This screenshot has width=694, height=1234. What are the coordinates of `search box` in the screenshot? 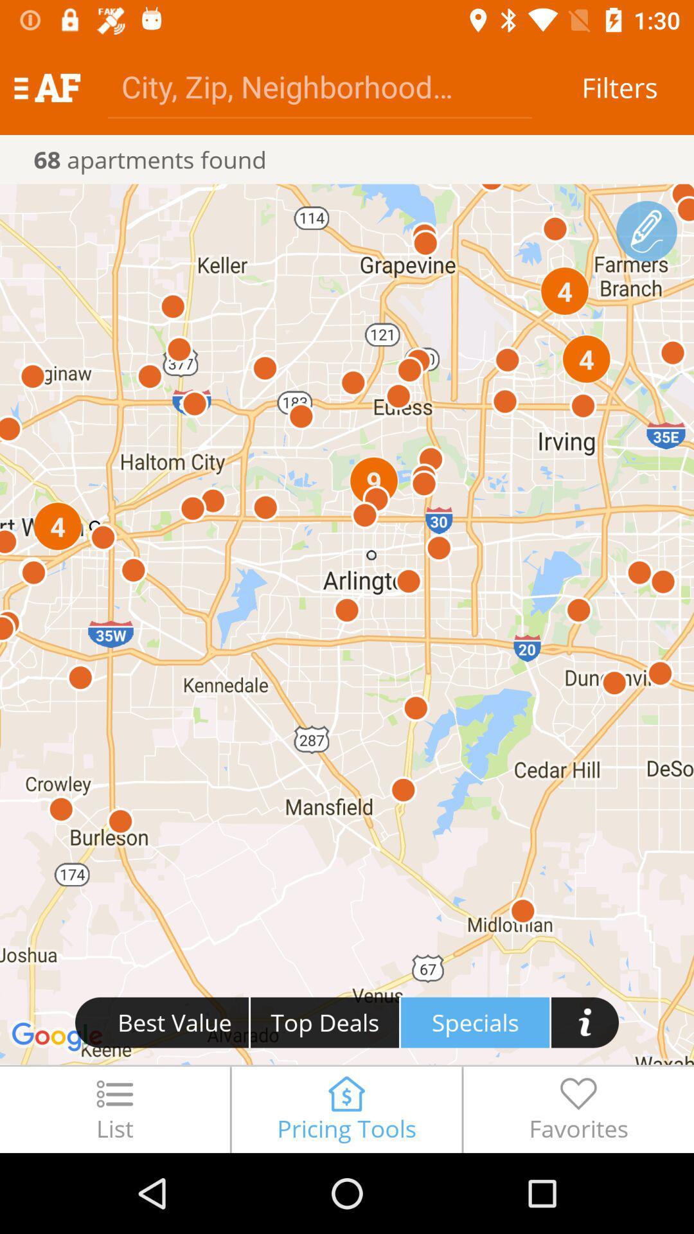 It's located at (319, 85).